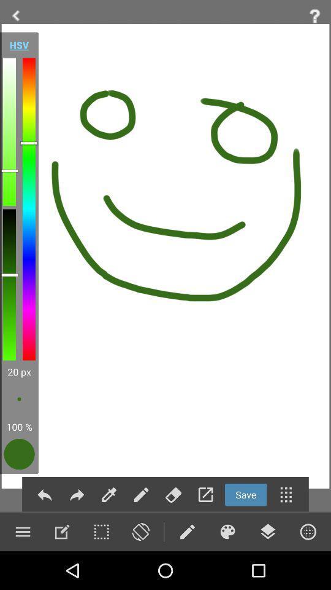 The width and height of the screenshot is (331, 590). I want to click on arisar, so click(173, 495).